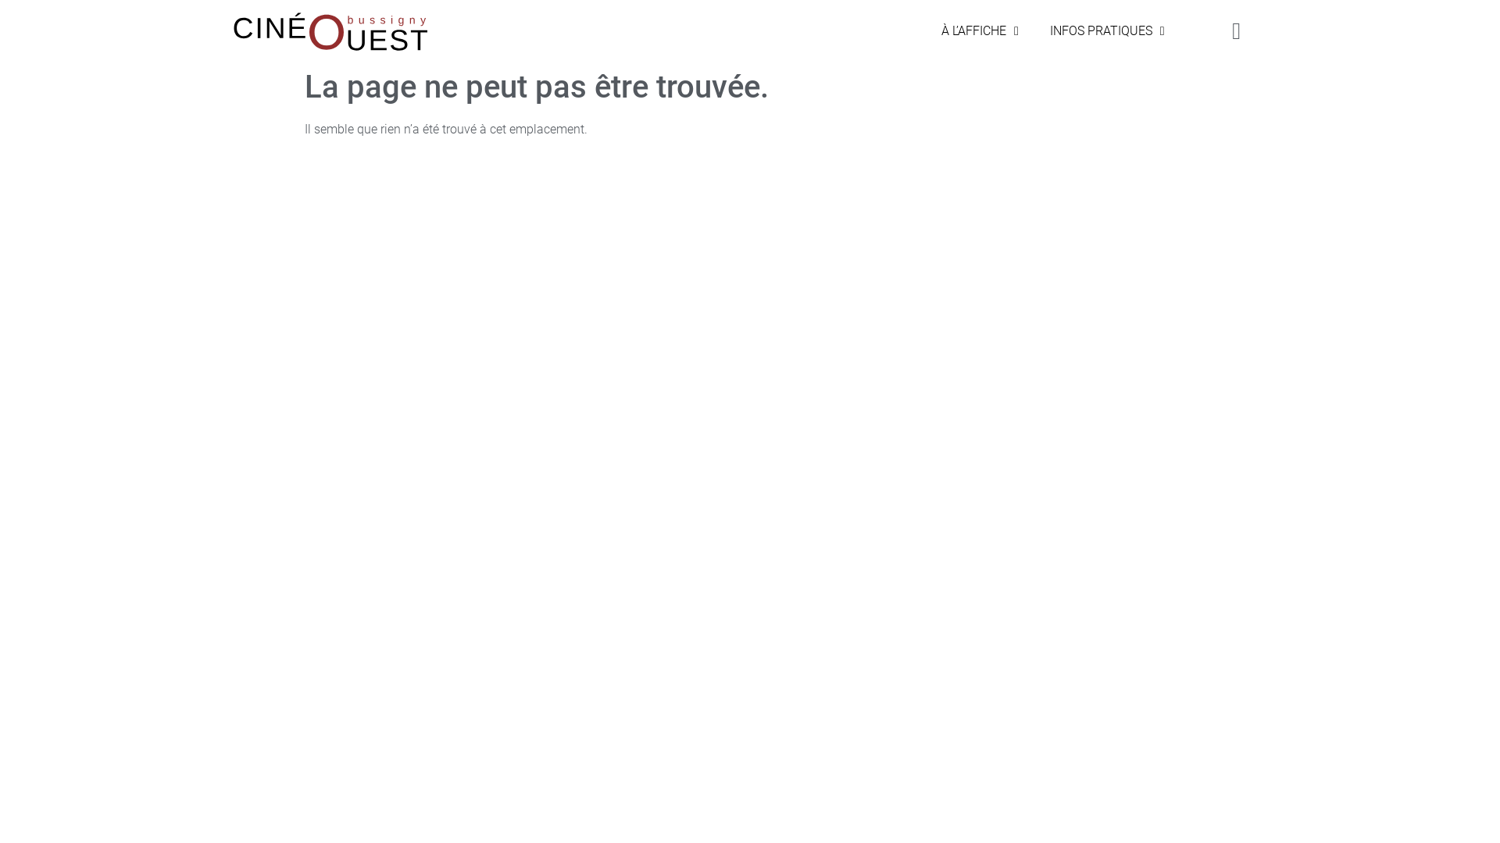 The height and width of the screenshot is (843, 1500). What do you see at coordinates (1106, 31) in the screenshot?
I see `'INFOS PRATIQUES'` at bounding box center [1106, 31].